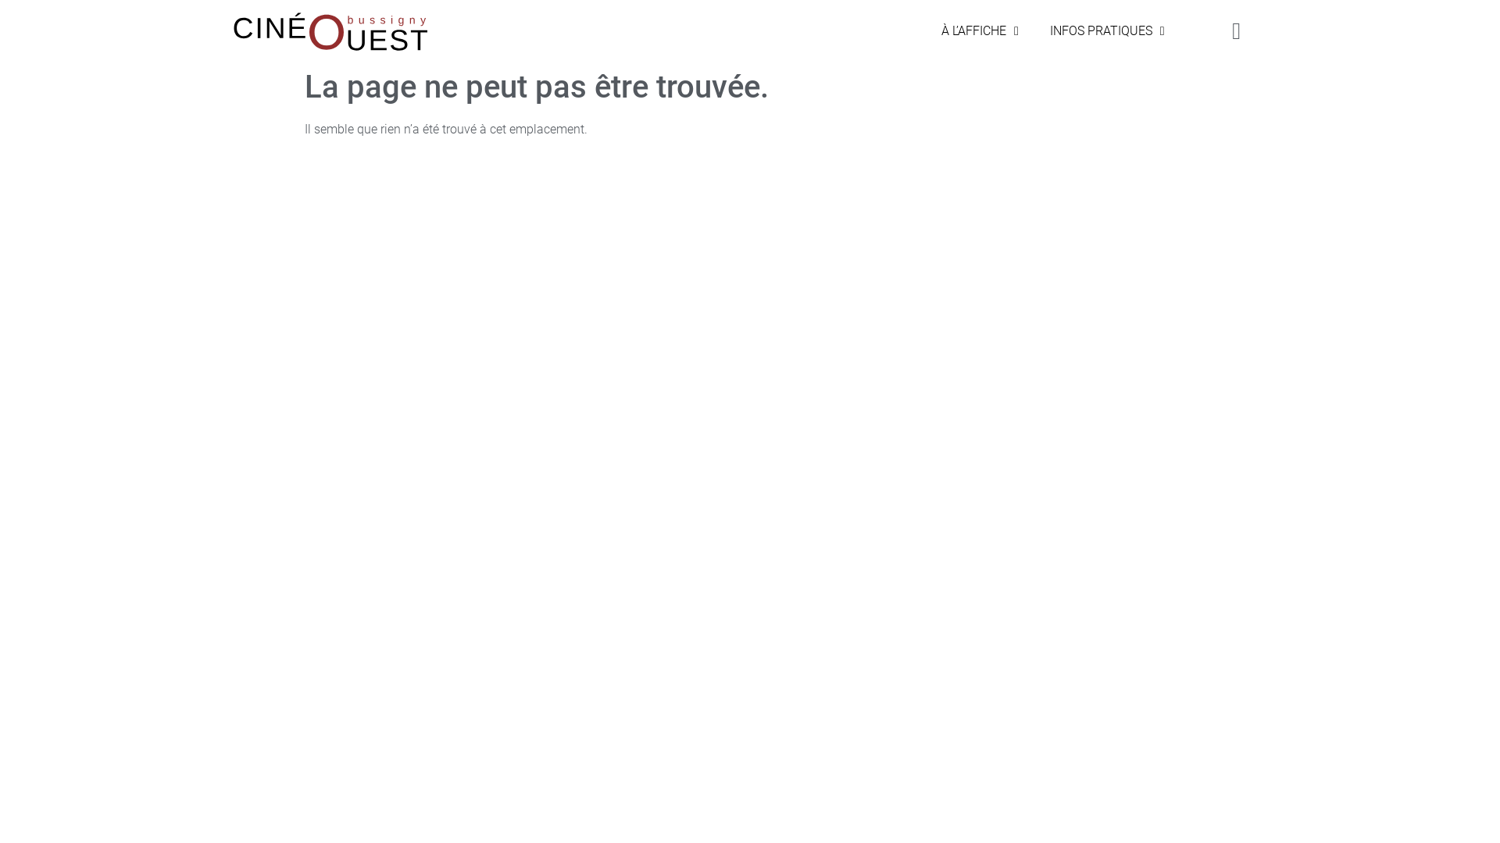 The height and width of the screenshot is (843, 1500). What do you see at coordinates (1106, 31) in the screenshot?
I see `'INFOS PRATIQUES'` at bounding box center [1106, 31].